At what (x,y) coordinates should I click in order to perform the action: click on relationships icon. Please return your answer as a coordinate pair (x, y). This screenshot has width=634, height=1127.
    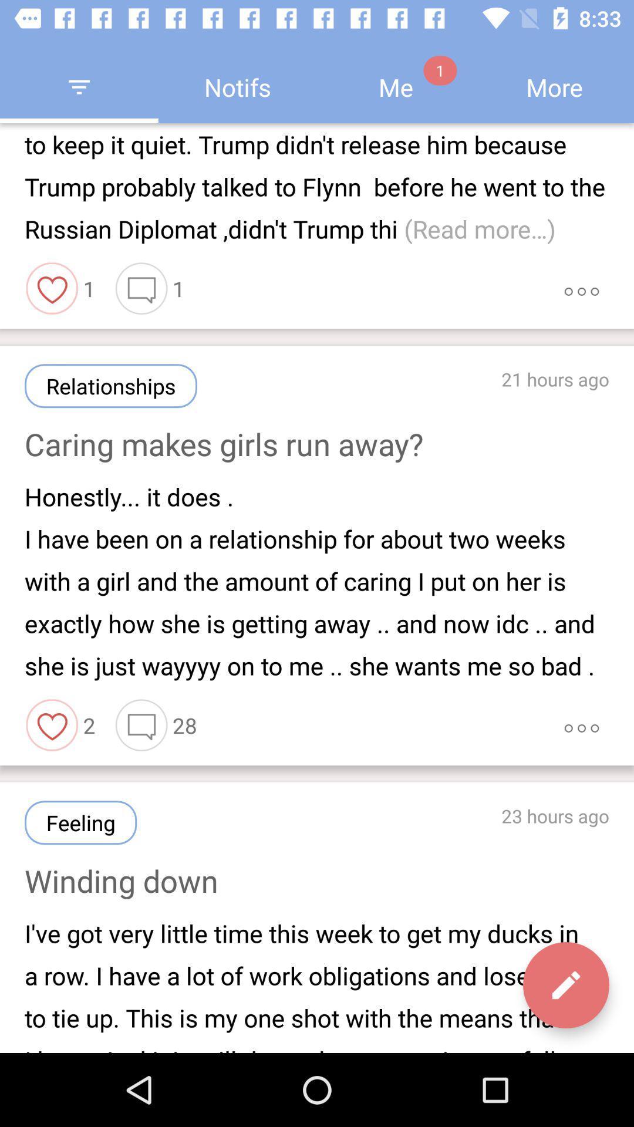
    Looking at the image, I should click on (111, 386).